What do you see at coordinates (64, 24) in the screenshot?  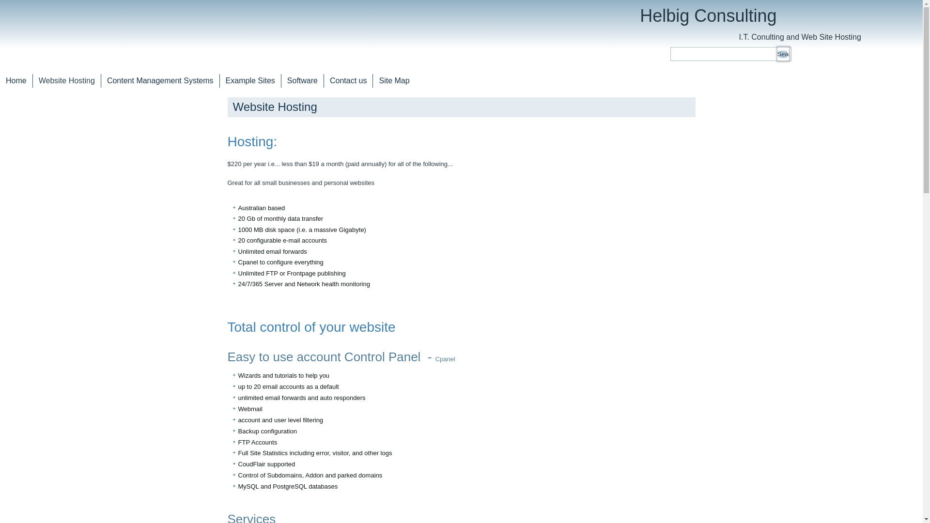 I see `'home'` at bounding box center [64, 24].